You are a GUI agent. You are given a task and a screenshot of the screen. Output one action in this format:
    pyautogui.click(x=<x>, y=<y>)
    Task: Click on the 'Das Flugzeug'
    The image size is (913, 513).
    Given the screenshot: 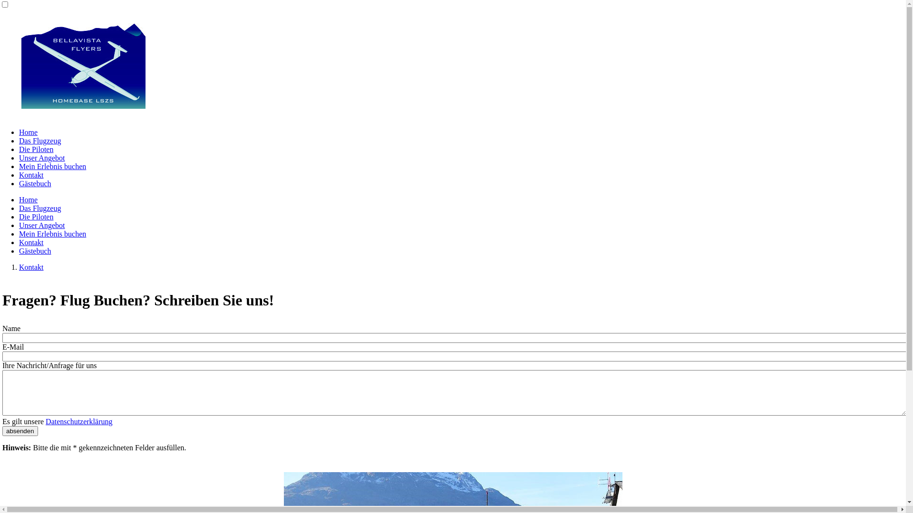 What is the action you would take?
    pyautogui.click(x=39, y=208)
    